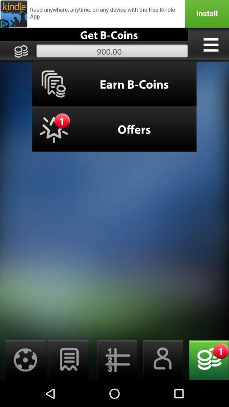  Describe the element at coordinates (210, 45) in the screenshot. I see `switch to menu option` at that location.